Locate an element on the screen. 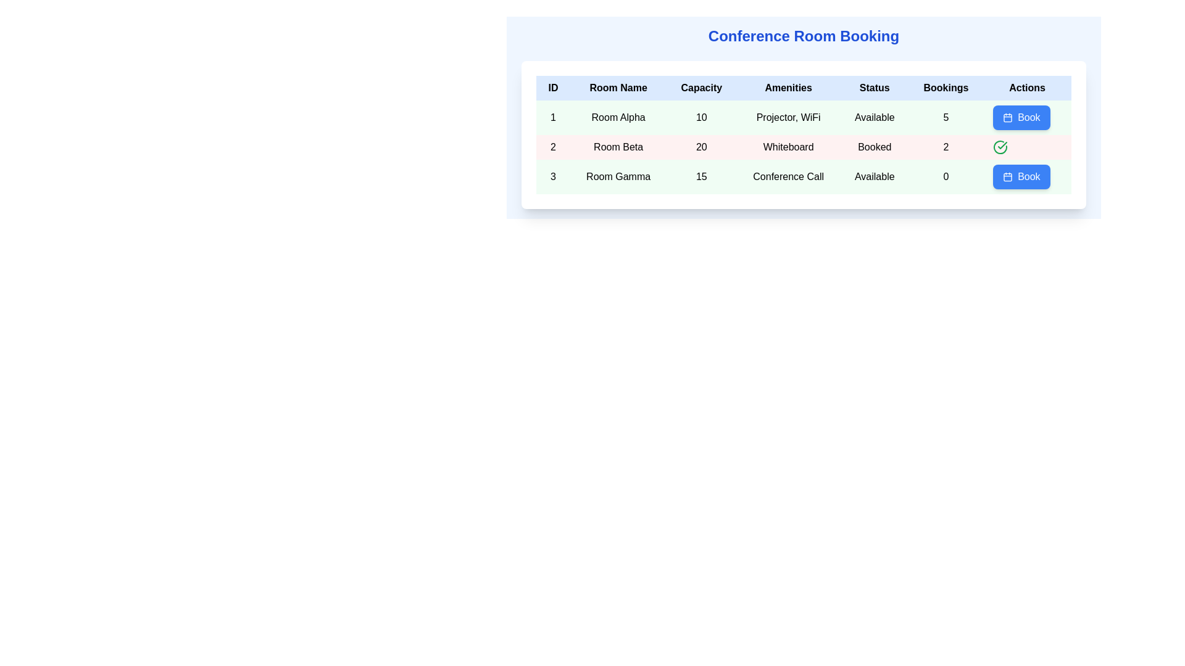 This screenshot has height=666, width=1185. the checkmark within the circular icon in the Actions column of the second row corresponding to the Room Beta entry is located at coordinates (1002, 144).